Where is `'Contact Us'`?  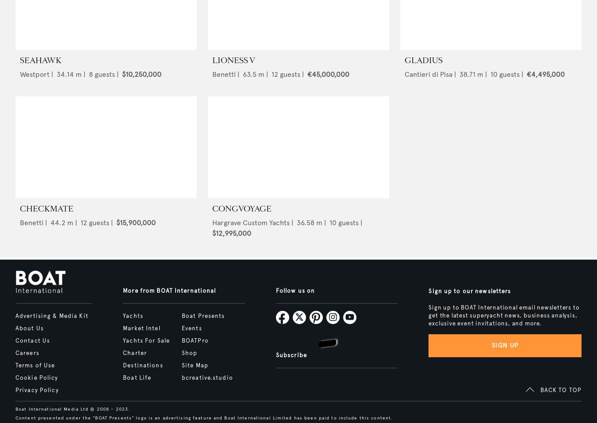
'Contact Us' is located at coordinates (32, 340).